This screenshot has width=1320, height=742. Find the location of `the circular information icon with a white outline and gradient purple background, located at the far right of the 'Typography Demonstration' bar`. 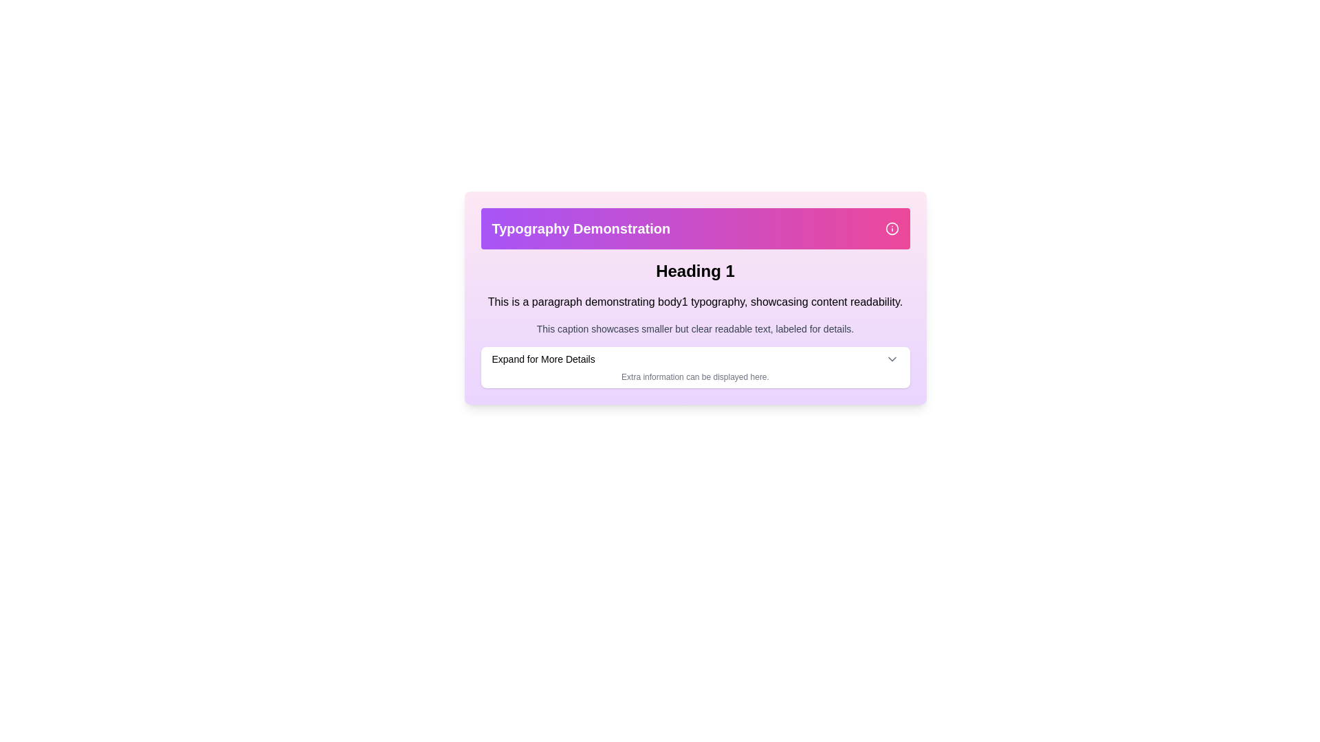

the circular information icon with a white outline and gradient purple background, located at the far right of the 'Typography Demonstration' bar is located at coordinates (892, 227).